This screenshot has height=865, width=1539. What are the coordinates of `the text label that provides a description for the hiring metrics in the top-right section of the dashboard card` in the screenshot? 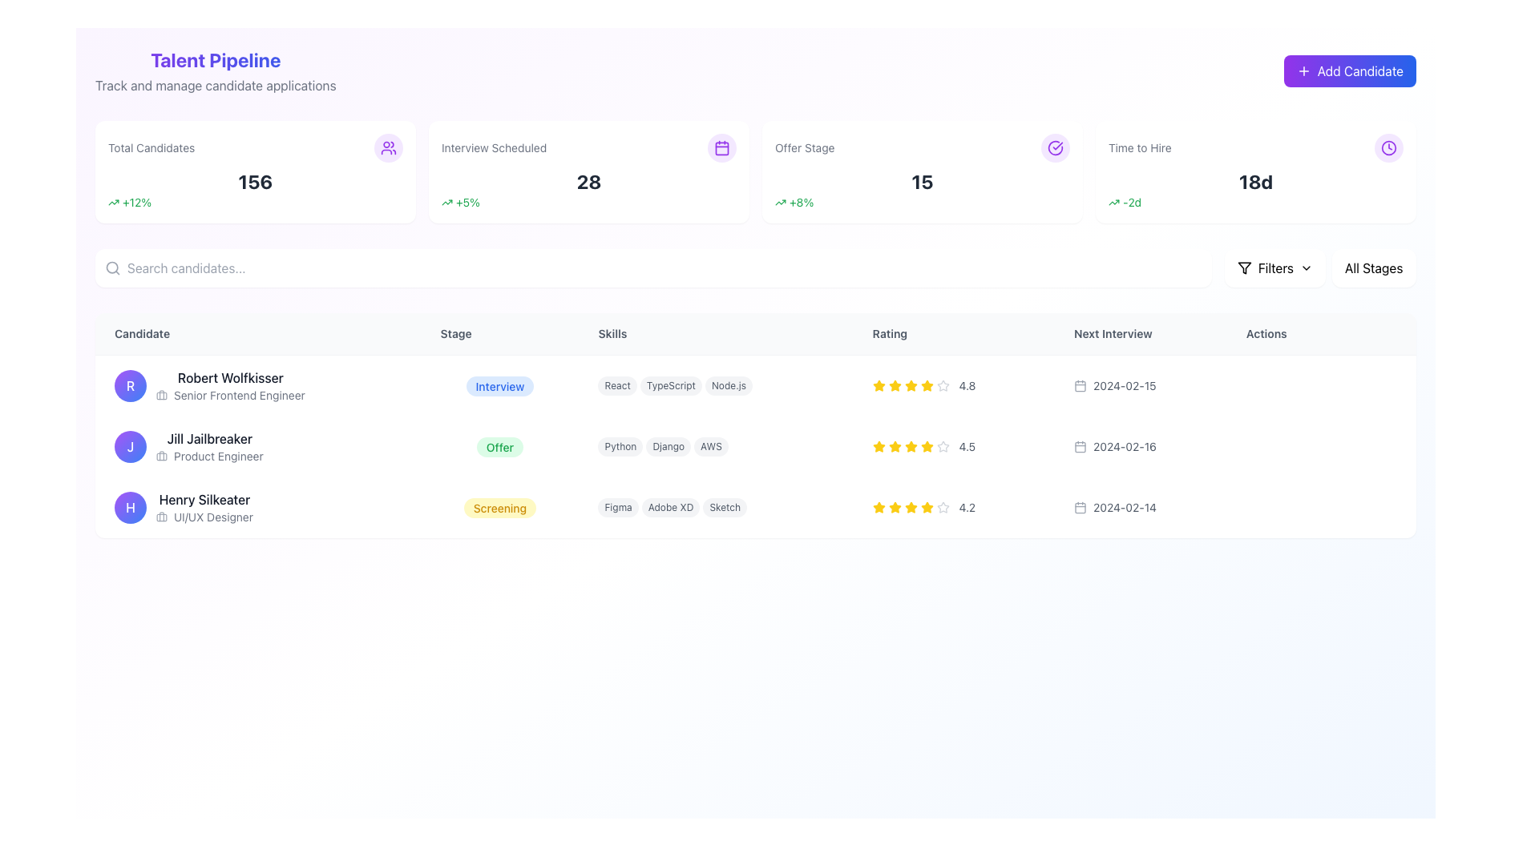 It's located at (1139, 148).